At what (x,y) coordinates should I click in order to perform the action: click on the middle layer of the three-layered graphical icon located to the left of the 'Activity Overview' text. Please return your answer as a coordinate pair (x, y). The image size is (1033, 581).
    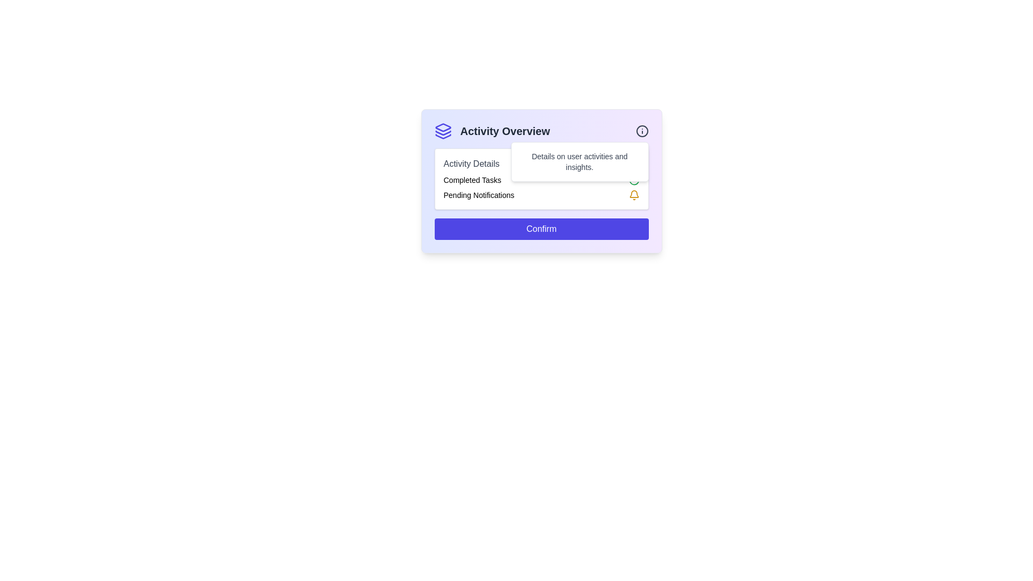
    Looking at the image, I should click on (443, 132).